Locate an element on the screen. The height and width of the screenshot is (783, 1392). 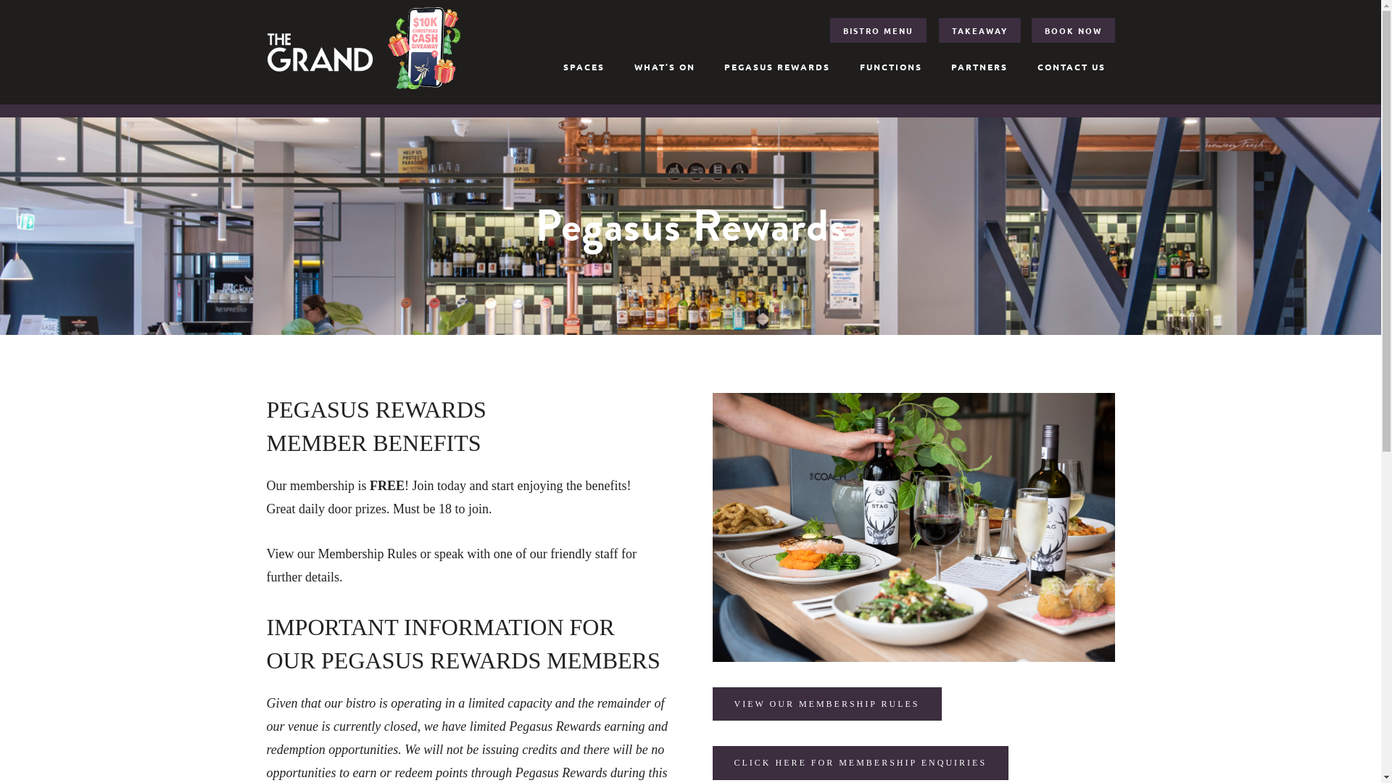
'BOOK NOW' is located at coordinates (1073, 30).